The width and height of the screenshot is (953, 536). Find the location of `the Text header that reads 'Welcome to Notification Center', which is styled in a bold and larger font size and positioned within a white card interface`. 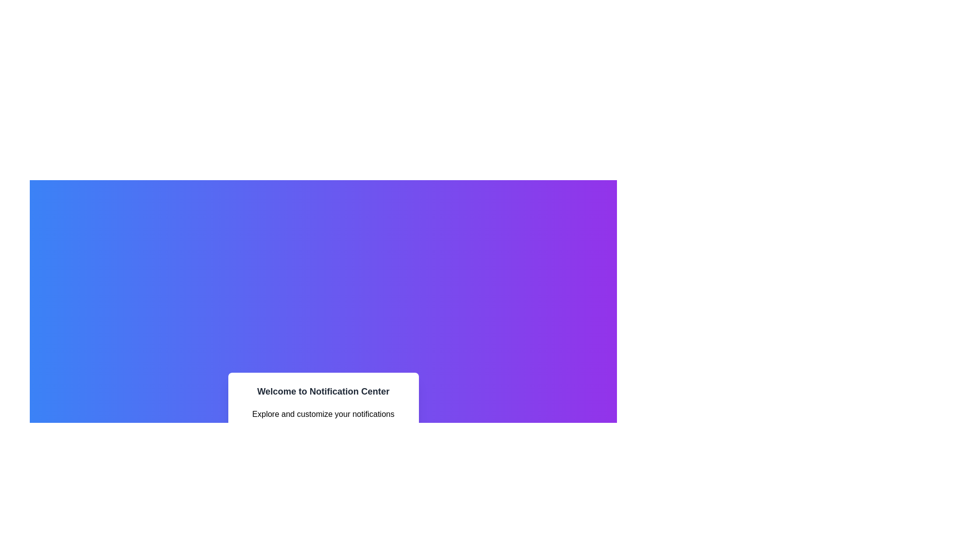

the Text header that reads 'Welcome to Notification Center', which is styled in a bold and larger font size and positioned within a white card interface is located at coordinates (323, 391).